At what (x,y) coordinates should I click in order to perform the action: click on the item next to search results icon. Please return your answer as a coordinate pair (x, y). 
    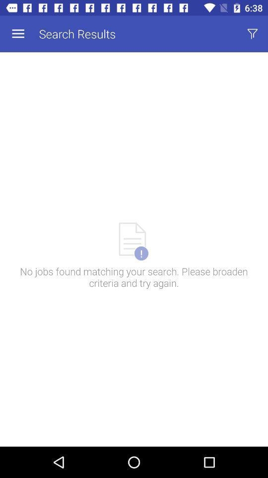
    Looking at the image, I should click on (18, 34).